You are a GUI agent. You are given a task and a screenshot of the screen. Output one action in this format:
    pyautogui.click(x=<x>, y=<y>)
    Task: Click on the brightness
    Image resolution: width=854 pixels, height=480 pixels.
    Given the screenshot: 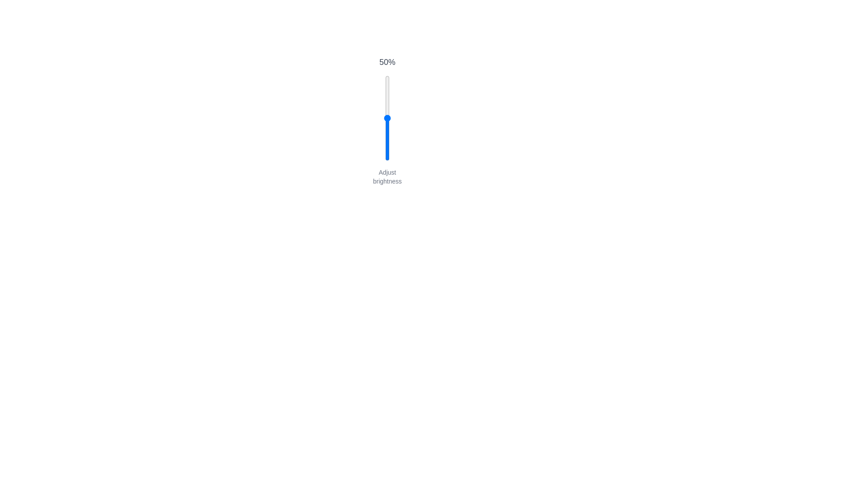 What is the action you would take?
    pyautogui.click(x=387, y=131)
    